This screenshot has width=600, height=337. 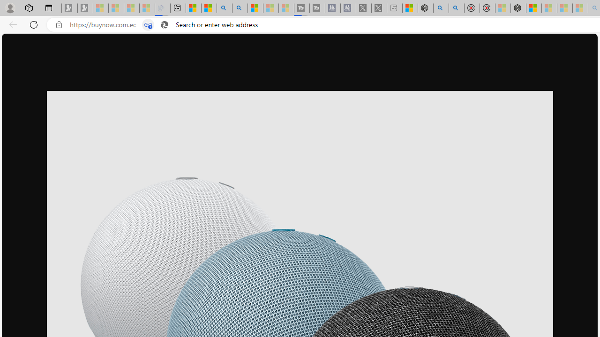 What do you see at coordinates (518, 8) in the screenshot?
I see `'Nordace - Nordace Siena Is Not An Ordinary Backpack'` at bounding box center [518, 8].